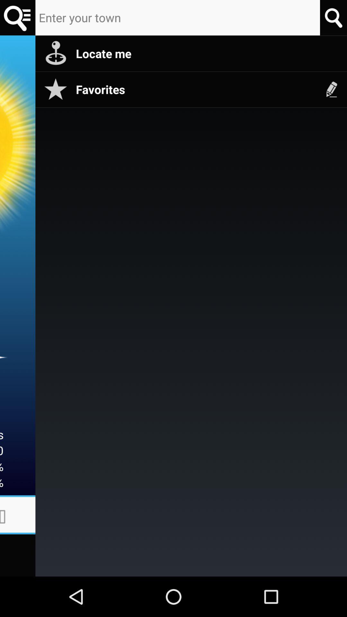 The height and width of the screenshot is (617, 347). What do you see at coordinates (17, 19) in the screenshot?
I see `the search icon` at bounding box center [17, 19].